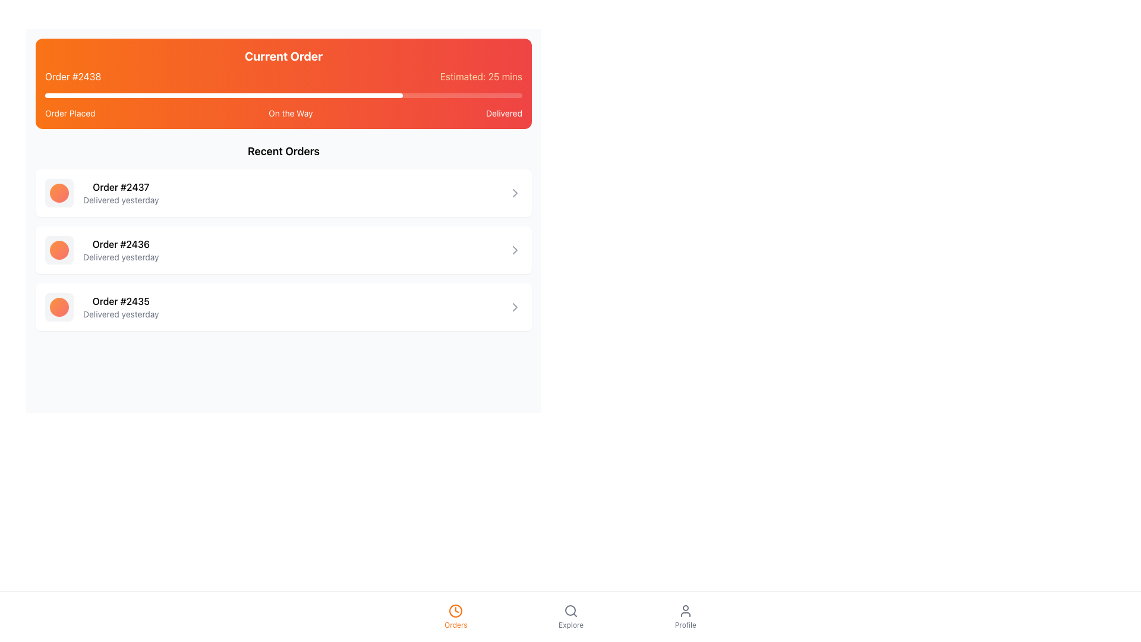  What do you see at coordinates (283, 83) in the screenshot?
I see `the Status overview block element that features a gradient background from orange to red with the title 'Current Order' and order details including 'Order #2438' and 'Estimated: 25 mins.'` at bounding box center [283, 83].